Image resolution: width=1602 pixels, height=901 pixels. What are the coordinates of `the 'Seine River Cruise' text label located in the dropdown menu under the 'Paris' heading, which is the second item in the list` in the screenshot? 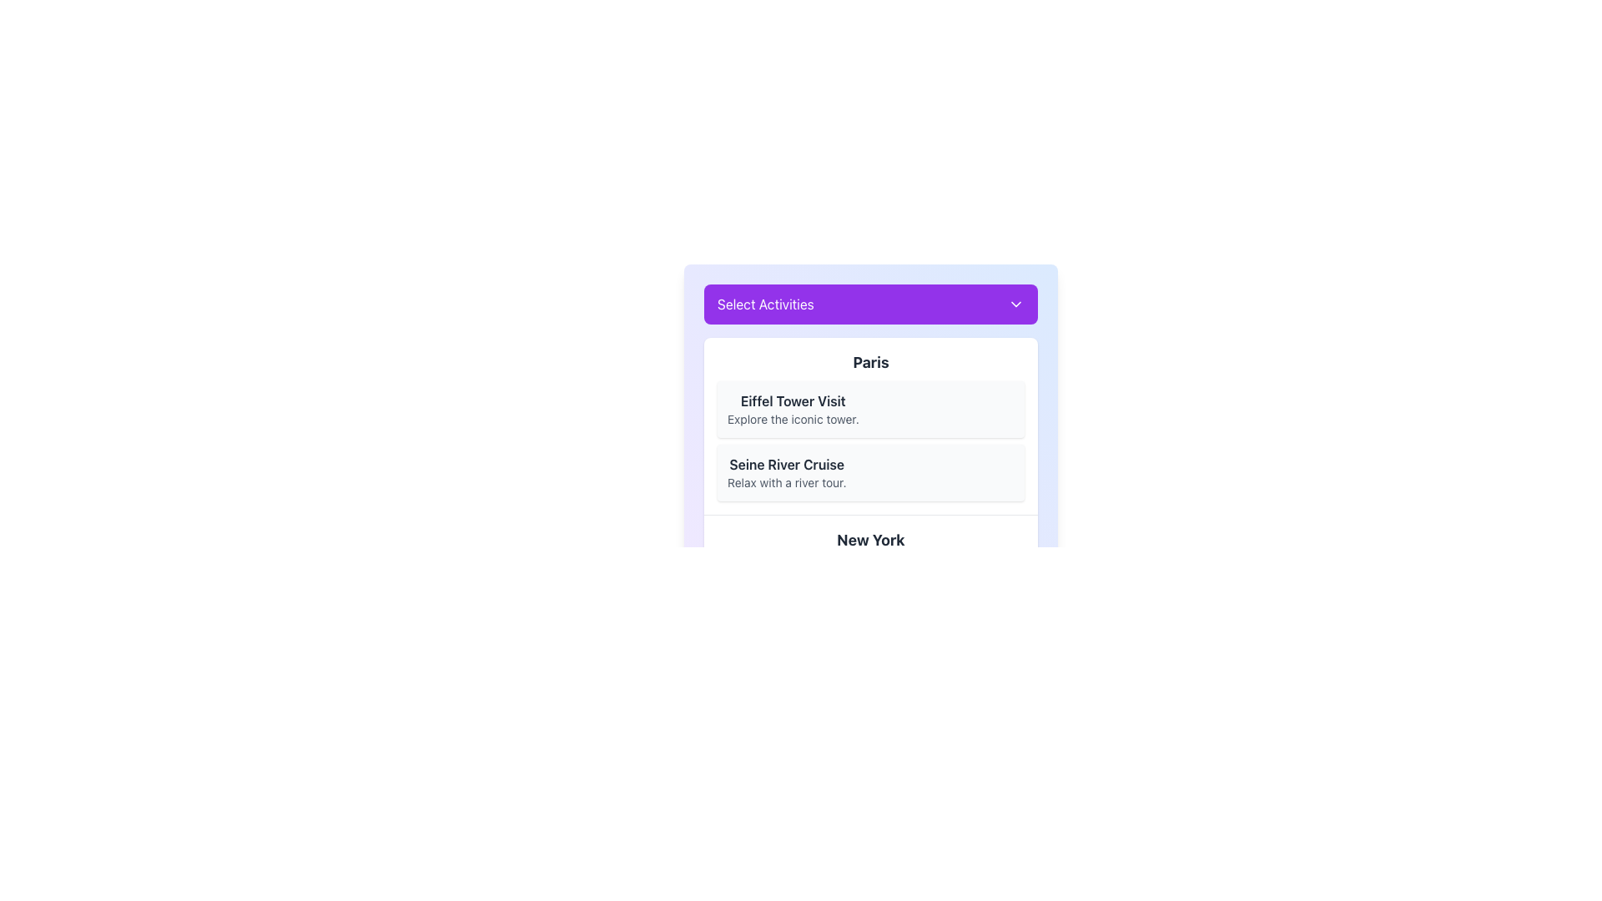 It's located at (786, 473).